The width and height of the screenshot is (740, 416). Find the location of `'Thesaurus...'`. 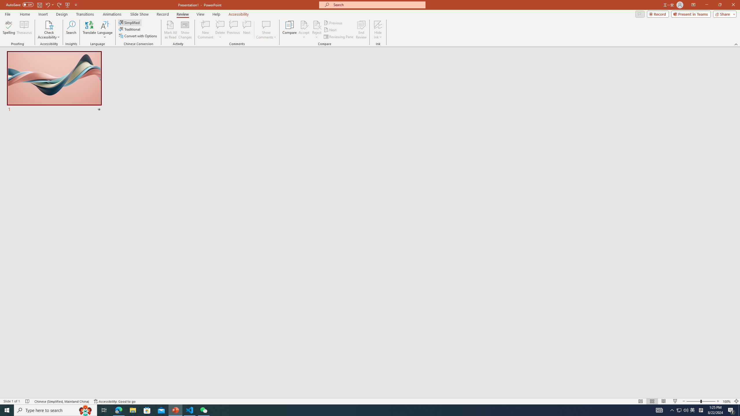

'Thesaurus...' is located at coordinates (24, 30).